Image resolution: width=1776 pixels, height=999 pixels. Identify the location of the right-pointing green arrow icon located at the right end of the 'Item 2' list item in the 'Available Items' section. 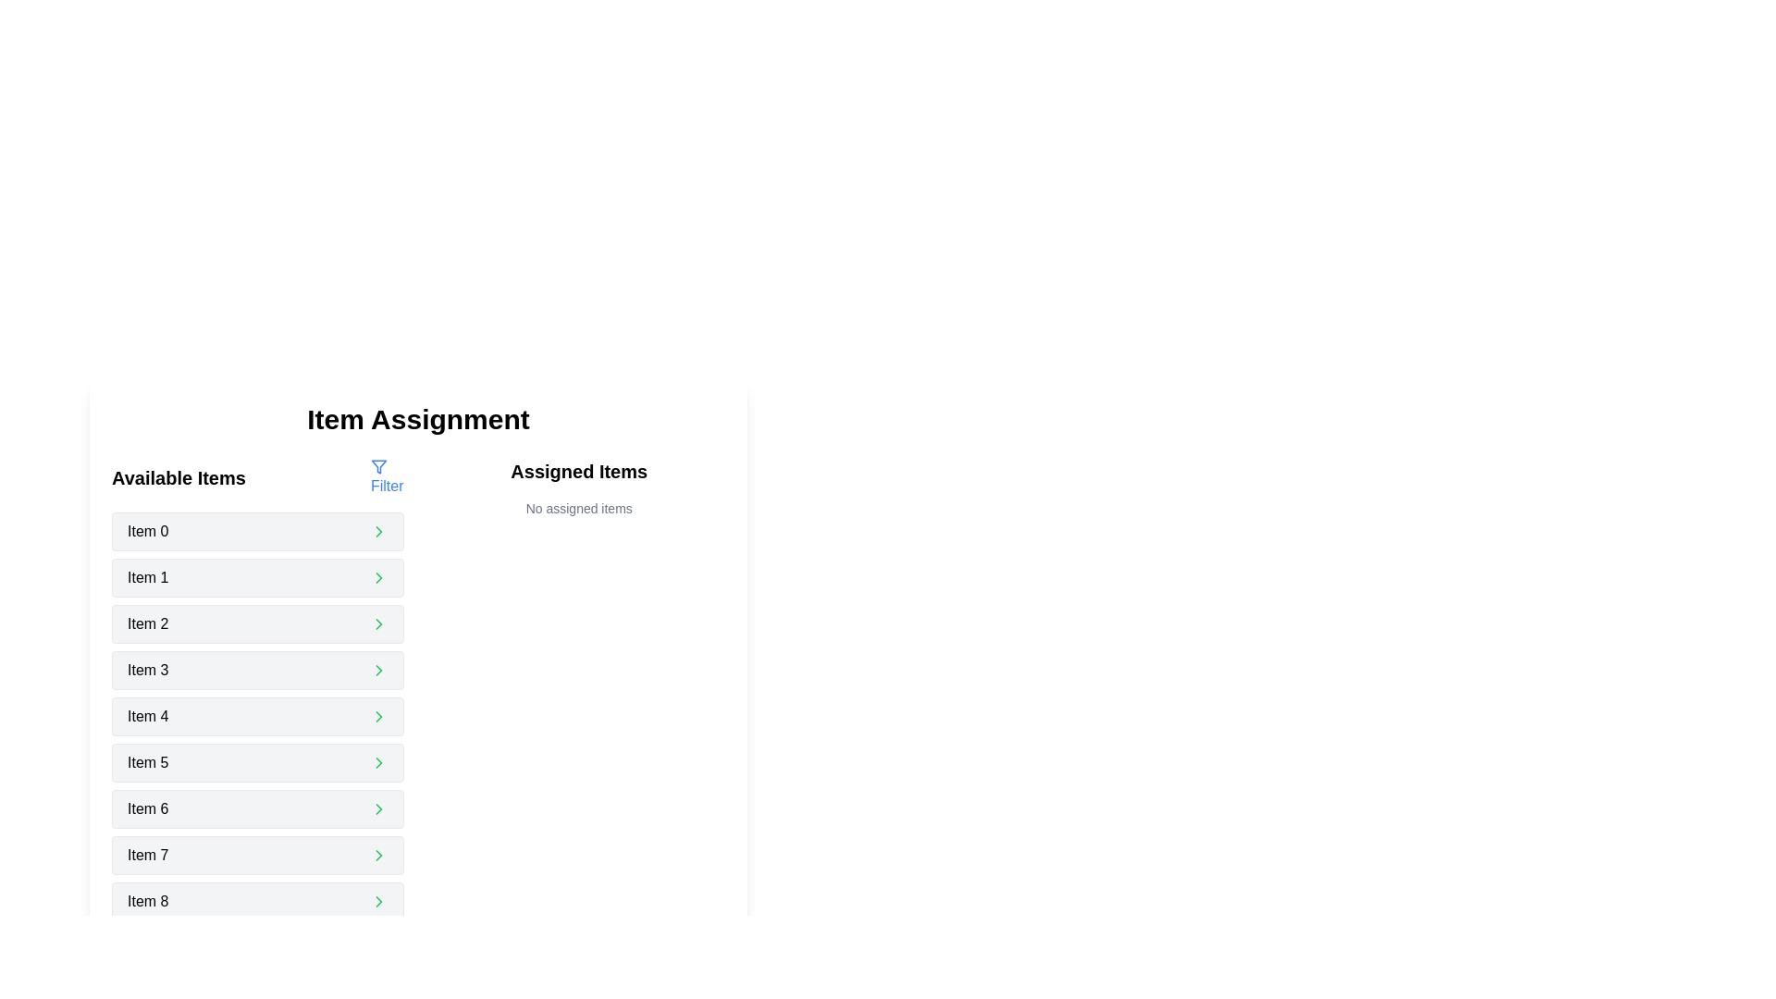
(377, 624).